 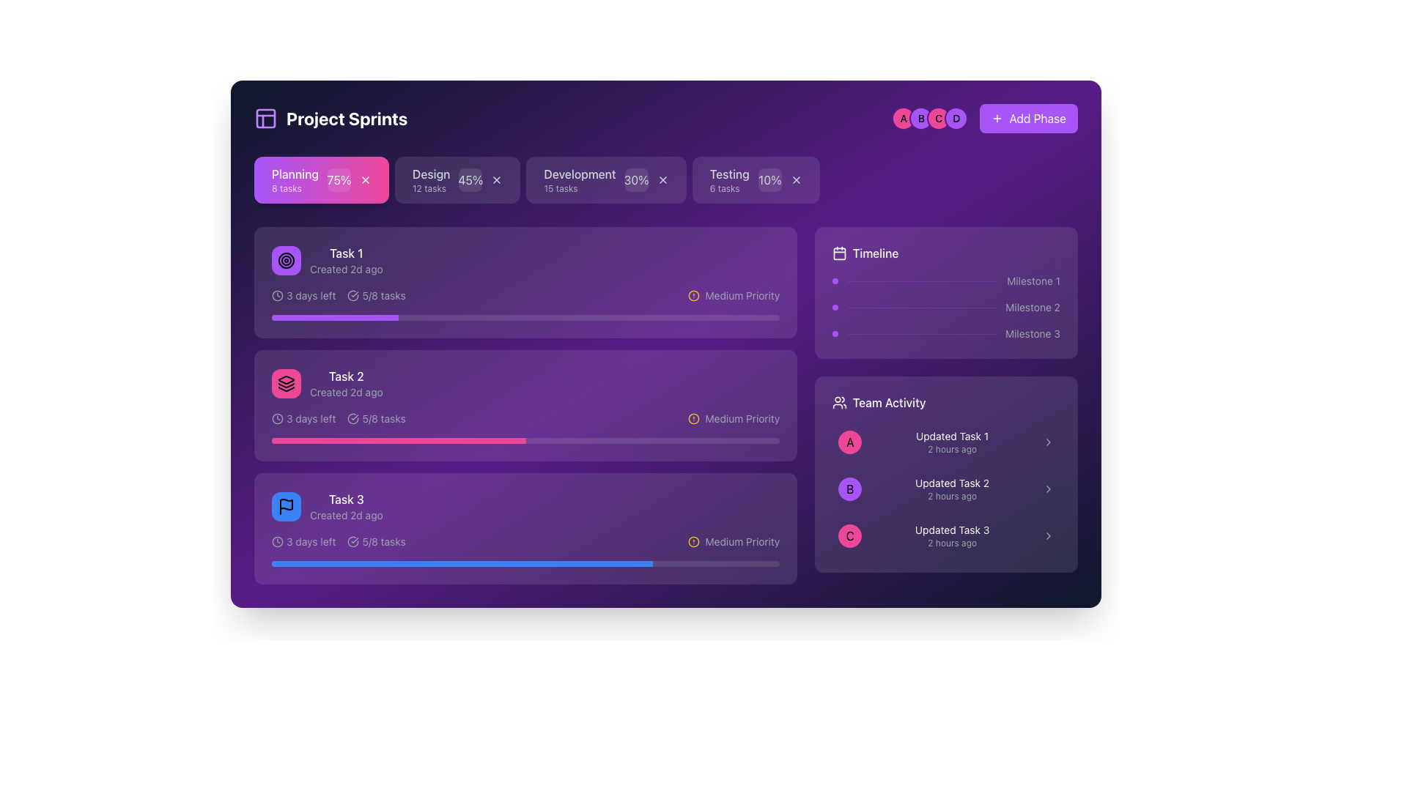 What do you see at coordinates (399, 439) in the screenshot?
I see `the colored portion of the progress bar indicating half completion for 'Task 2'` at bounding box center [399, 439].